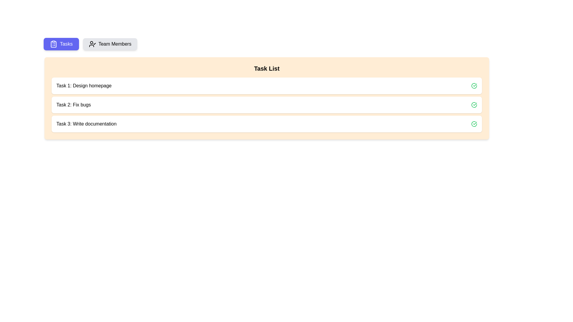  Describe the element at coordinates (66, 44) in the screenshot. I see `text label 'Tasks' located at the center-right end of the purple button, which serves as an indicator for the associated interactive button` at that location.